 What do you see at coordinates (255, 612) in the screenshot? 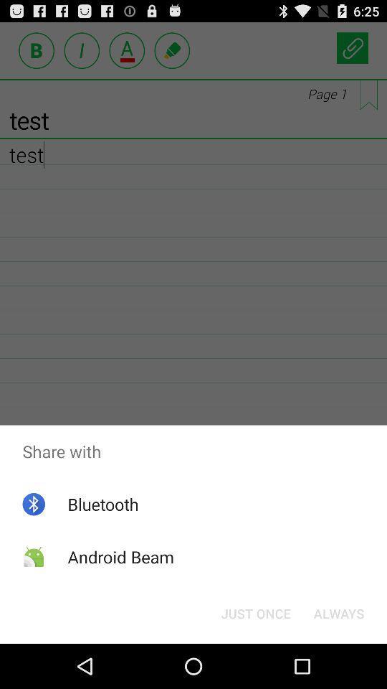
I see `icon next to the always item` at bounding box center [255, 612].